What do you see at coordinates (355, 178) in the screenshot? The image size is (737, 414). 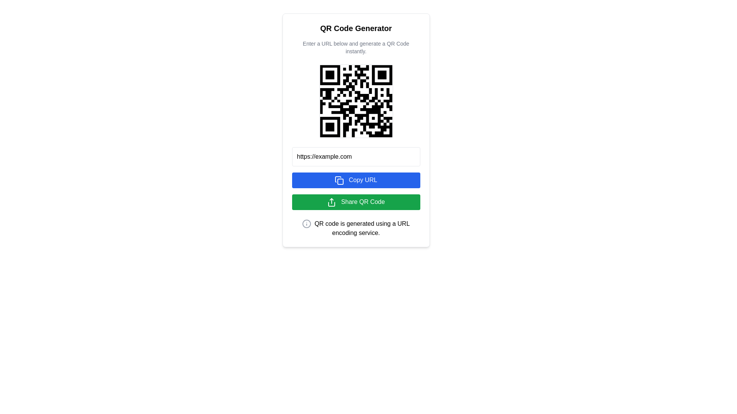 I see `the 'Share QR Code' button, which is the green button located directly below the 'Copy URL' button in the QR Code Generator interface` at bounding box center [355, 178].